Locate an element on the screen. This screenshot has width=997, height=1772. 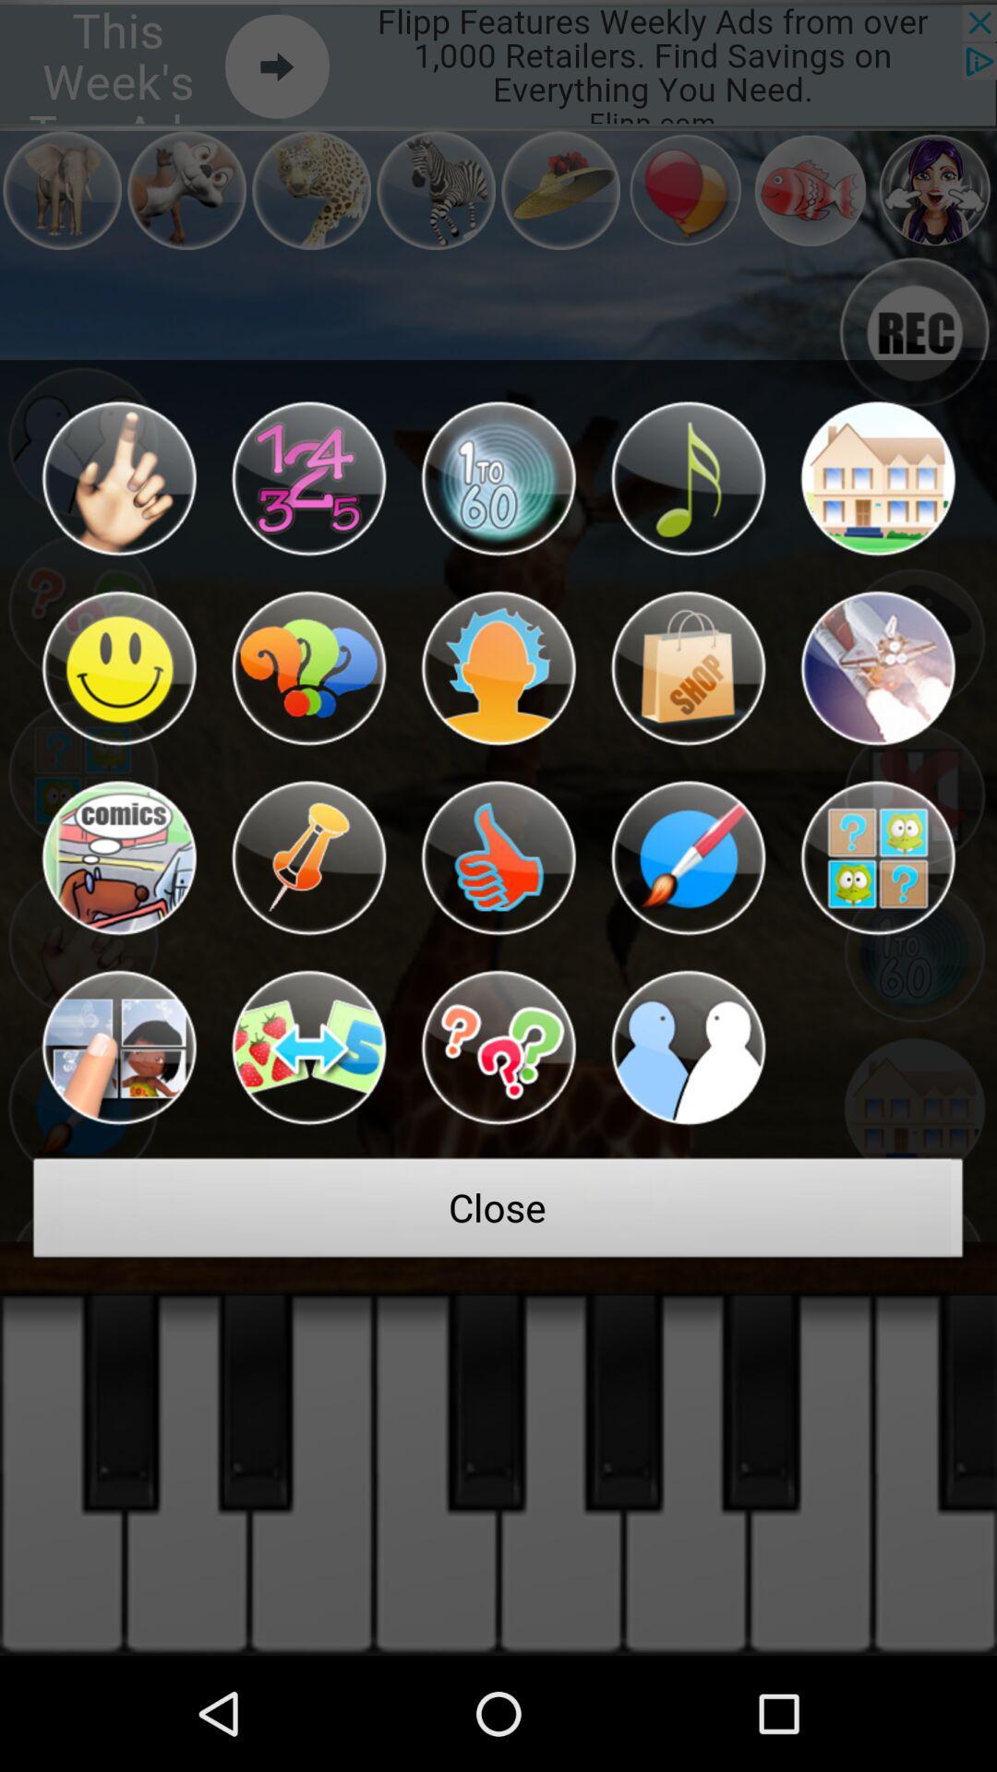
feature is located at coordinates (118, 857).